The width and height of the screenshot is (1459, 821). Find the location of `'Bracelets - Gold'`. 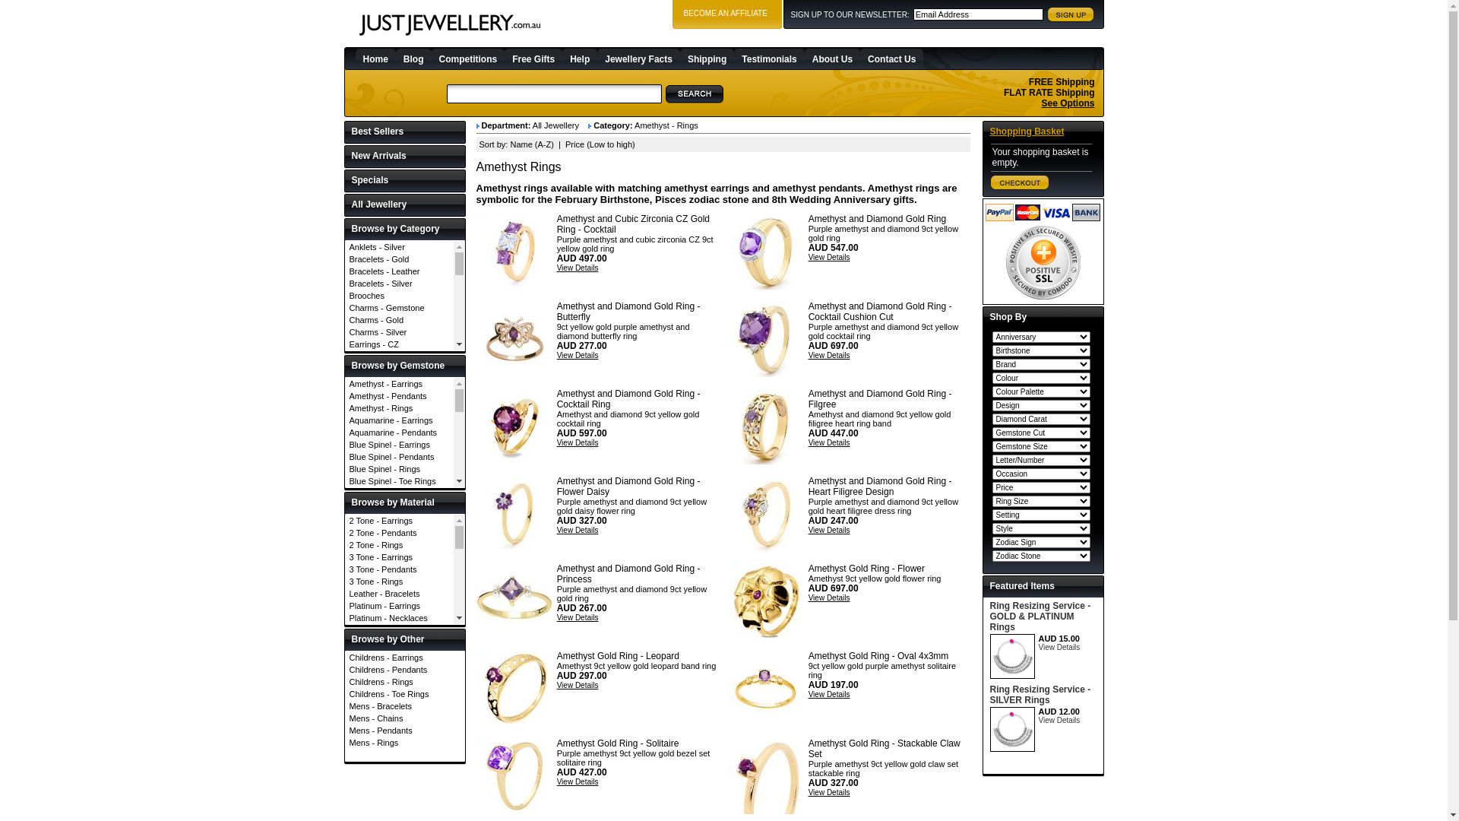

'Bracelets - Gold' is located at coordinates (399, 258).